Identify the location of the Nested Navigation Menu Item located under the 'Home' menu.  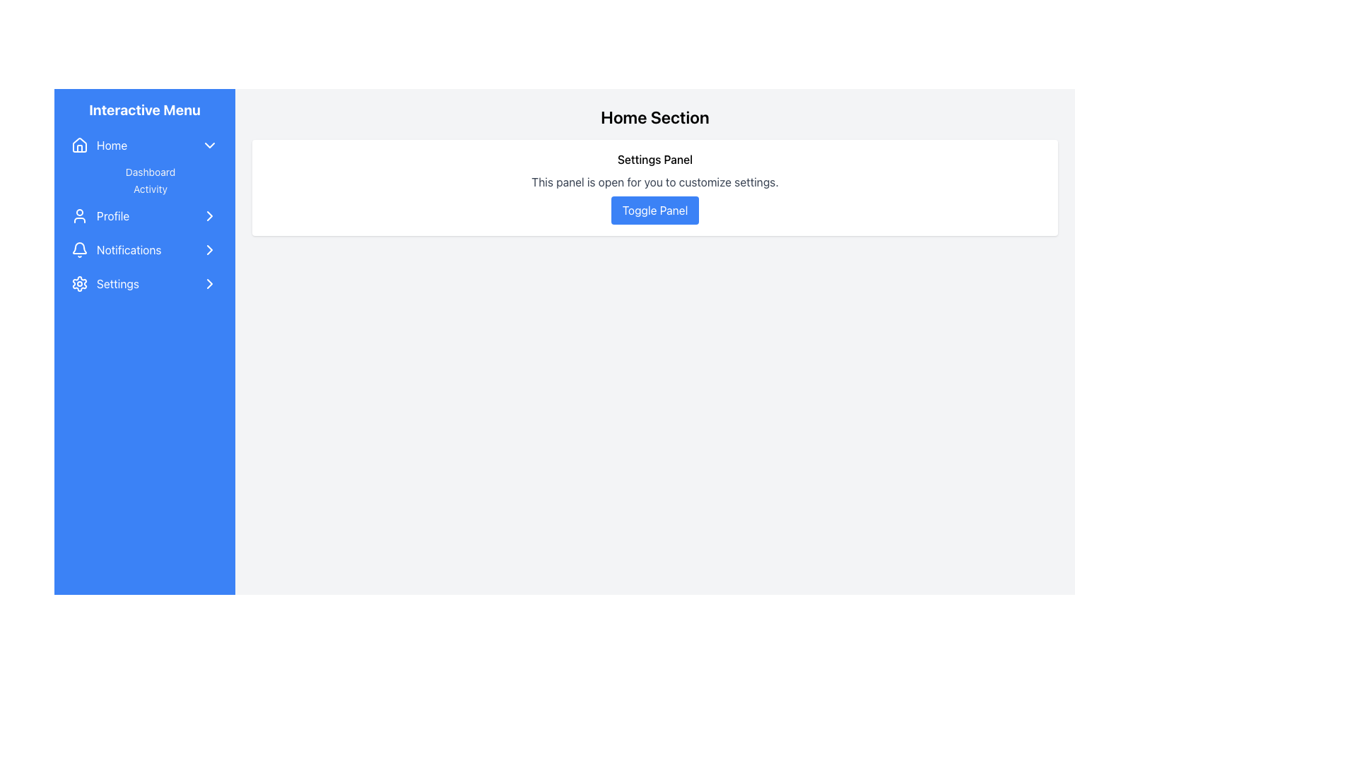
(145, 162).